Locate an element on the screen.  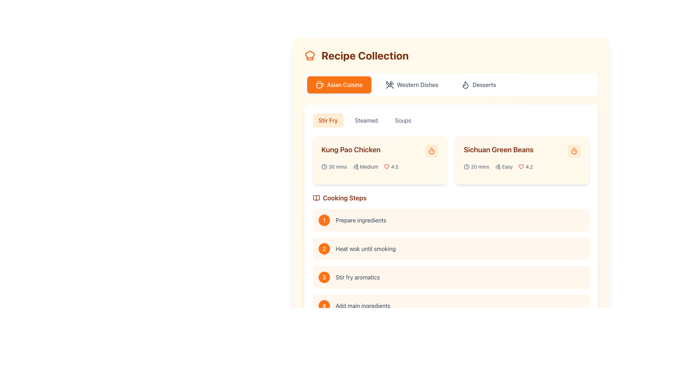
the 'Soups' tab in the Tab navigation bar is located at coordinates (450, 120).